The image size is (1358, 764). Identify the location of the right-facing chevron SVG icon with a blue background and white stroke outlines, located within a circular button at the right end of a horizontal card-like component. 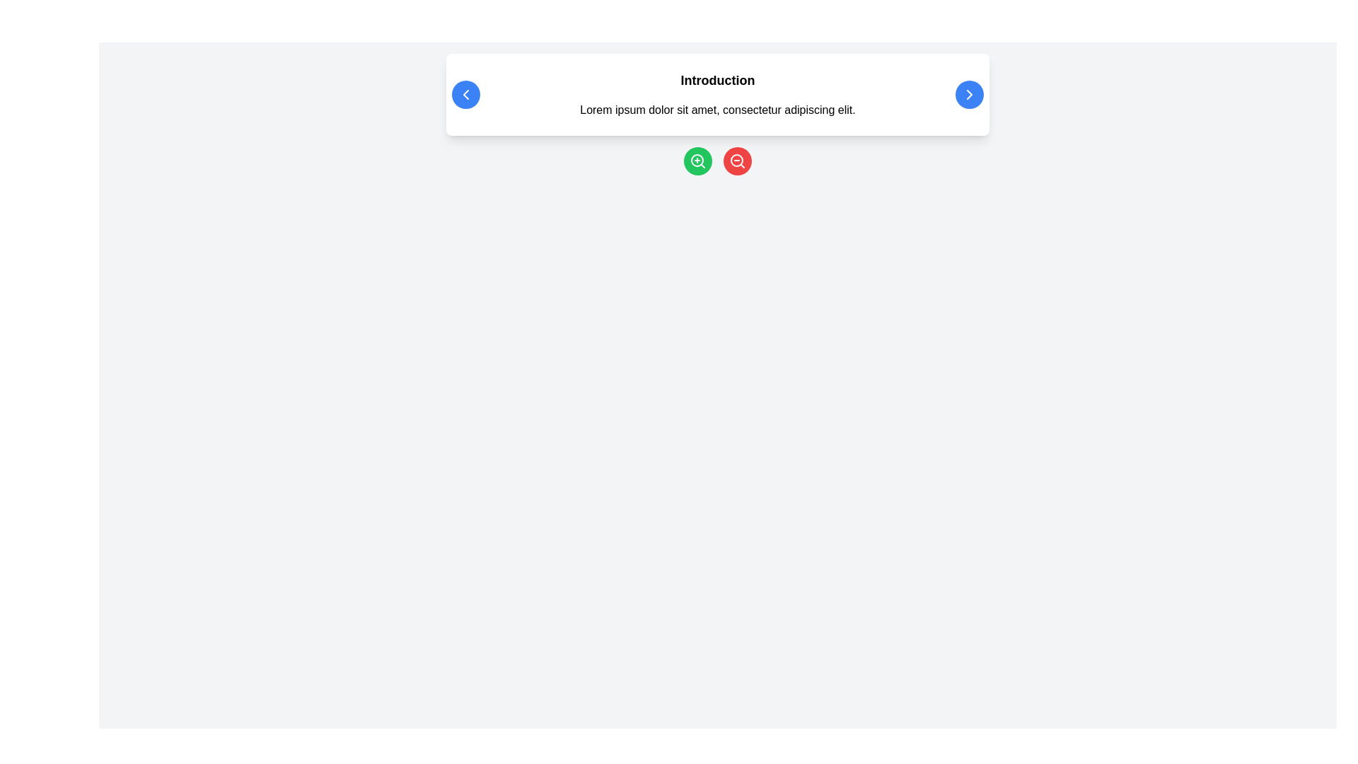
(969, 95).